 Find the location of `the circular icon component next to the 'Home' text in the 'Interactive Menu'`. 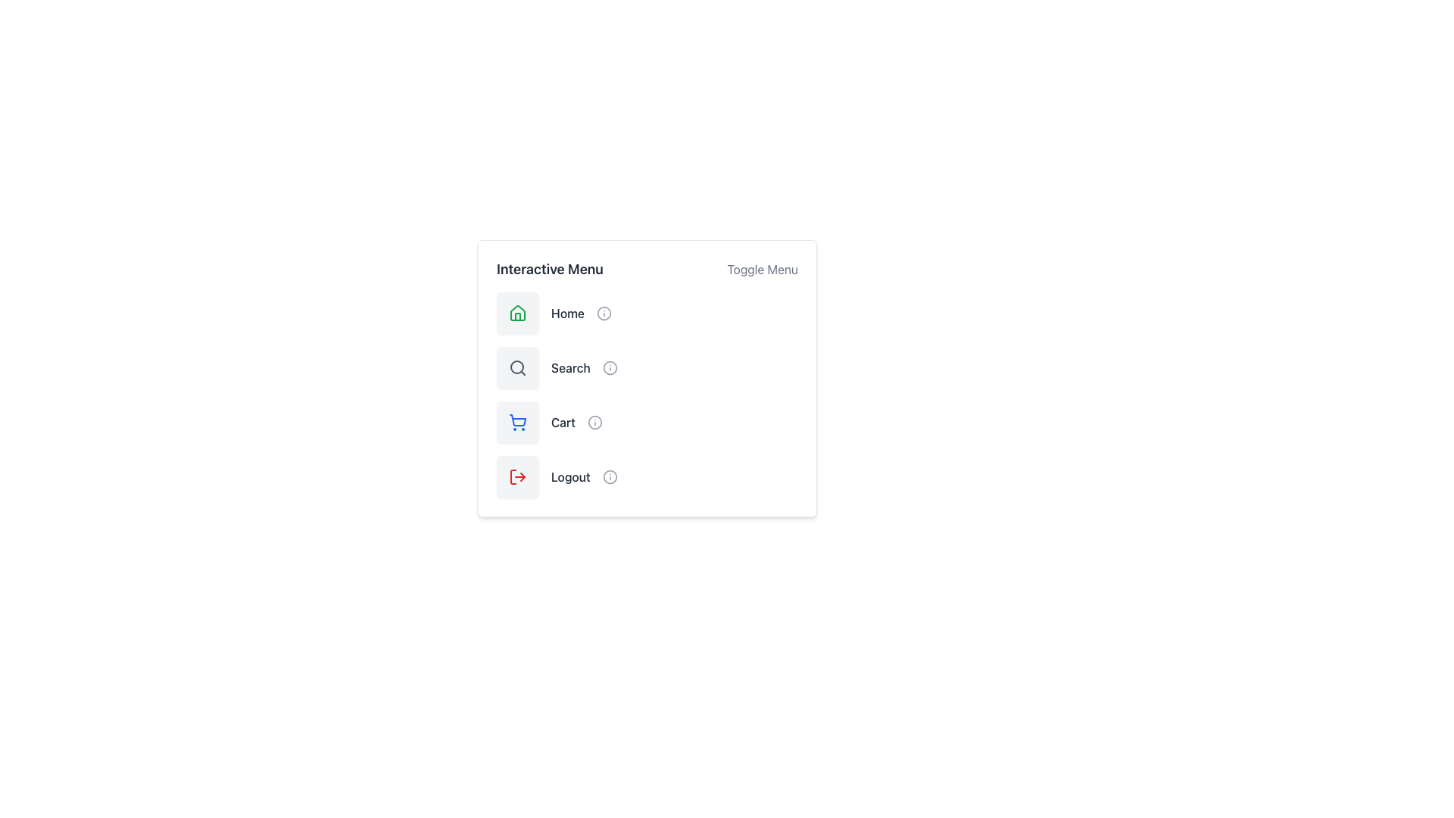

the circular icon component next to the 'Home' text in the 'Interactive Menu' is located at coordinates (603, 312).